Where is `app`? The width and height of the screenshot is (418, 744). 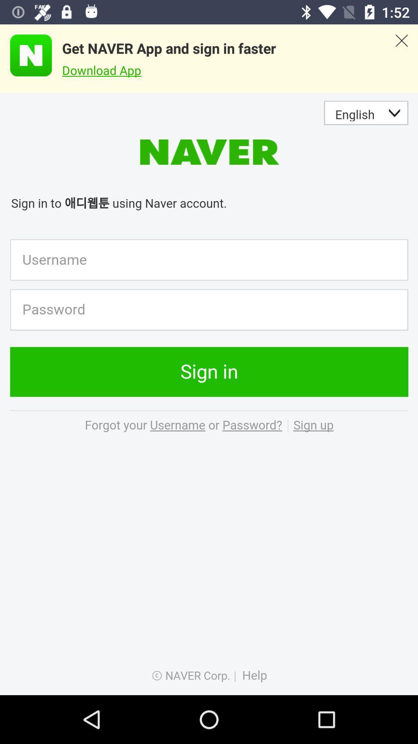
app is located at coordinates (26, 55).